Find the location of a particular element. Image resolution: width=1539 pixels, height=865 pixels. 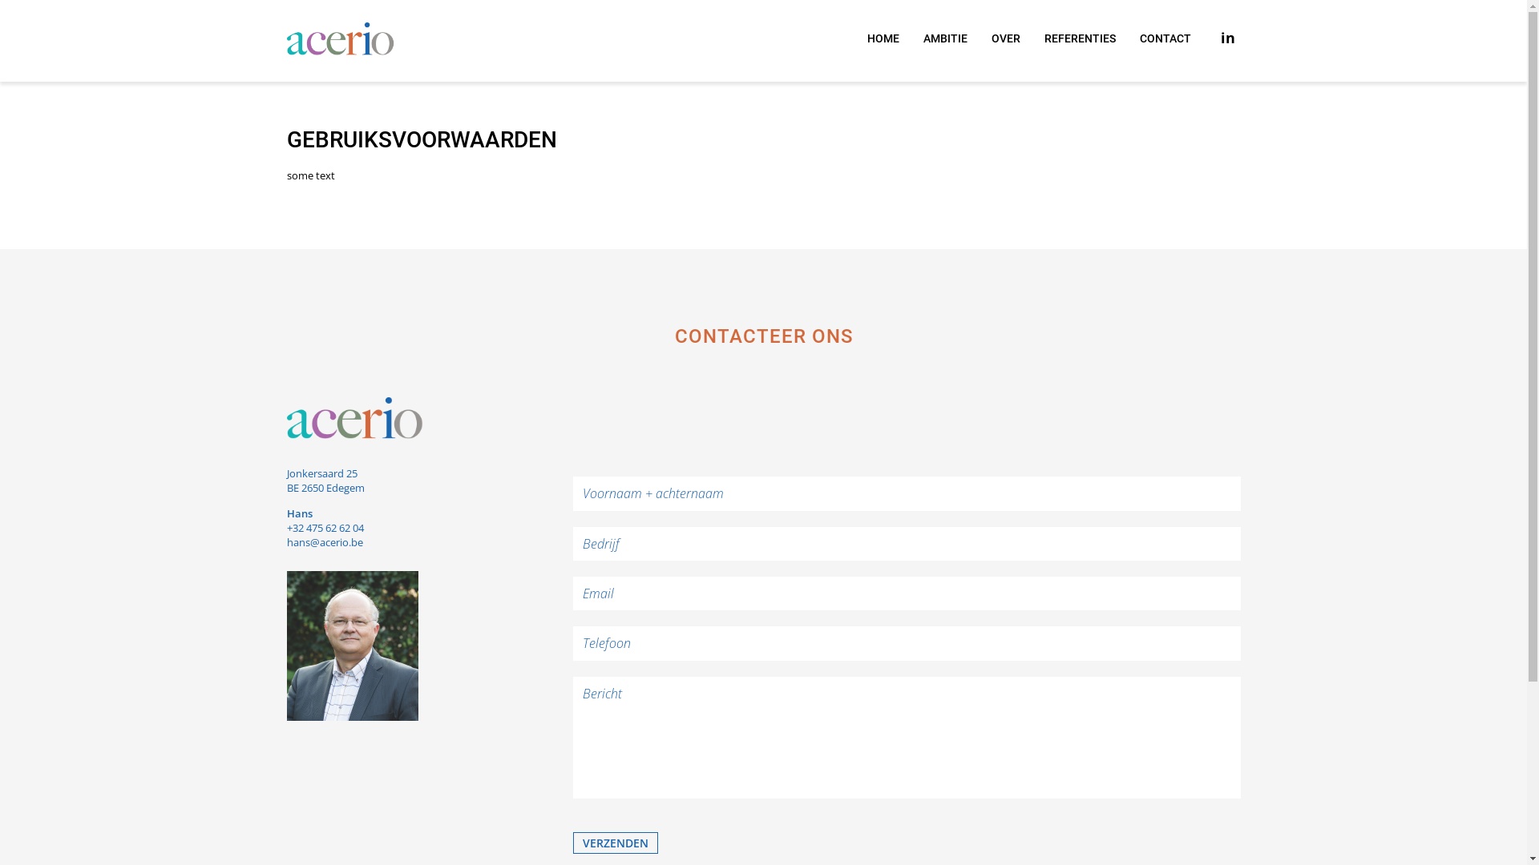

'OVER' is located at coordinates (1004, 38).